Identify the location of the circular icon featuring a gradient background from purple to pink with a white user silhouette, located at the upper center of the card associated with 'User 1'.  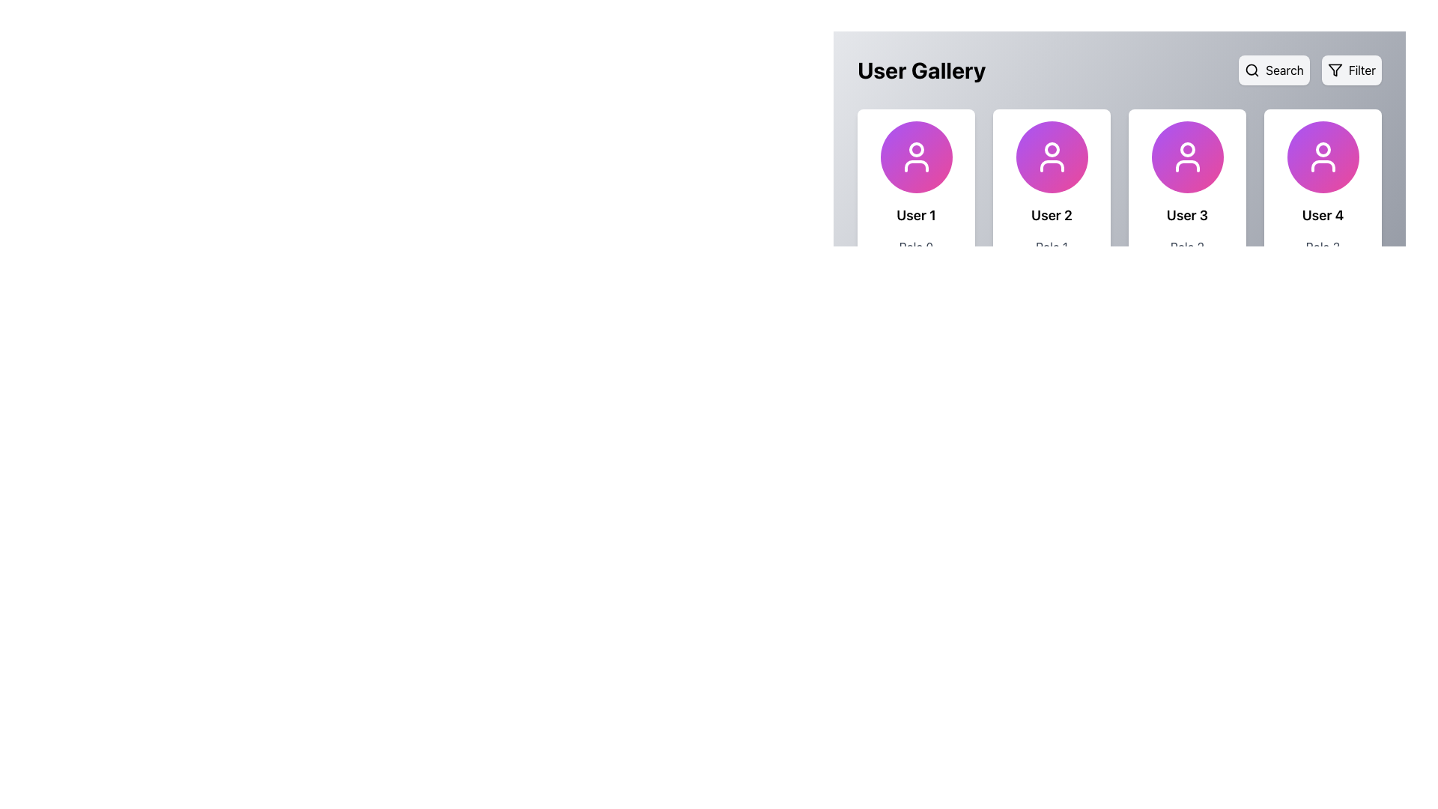
(915, 157).